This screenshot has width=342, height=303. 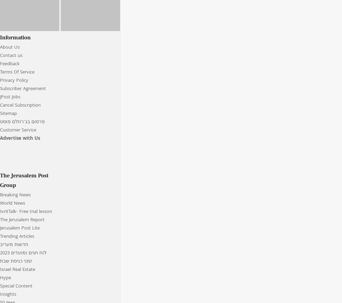 What do you see at coordinates (8, 295) in the screenshot?
I see `'Insights'` at bounding box center [8, 295].